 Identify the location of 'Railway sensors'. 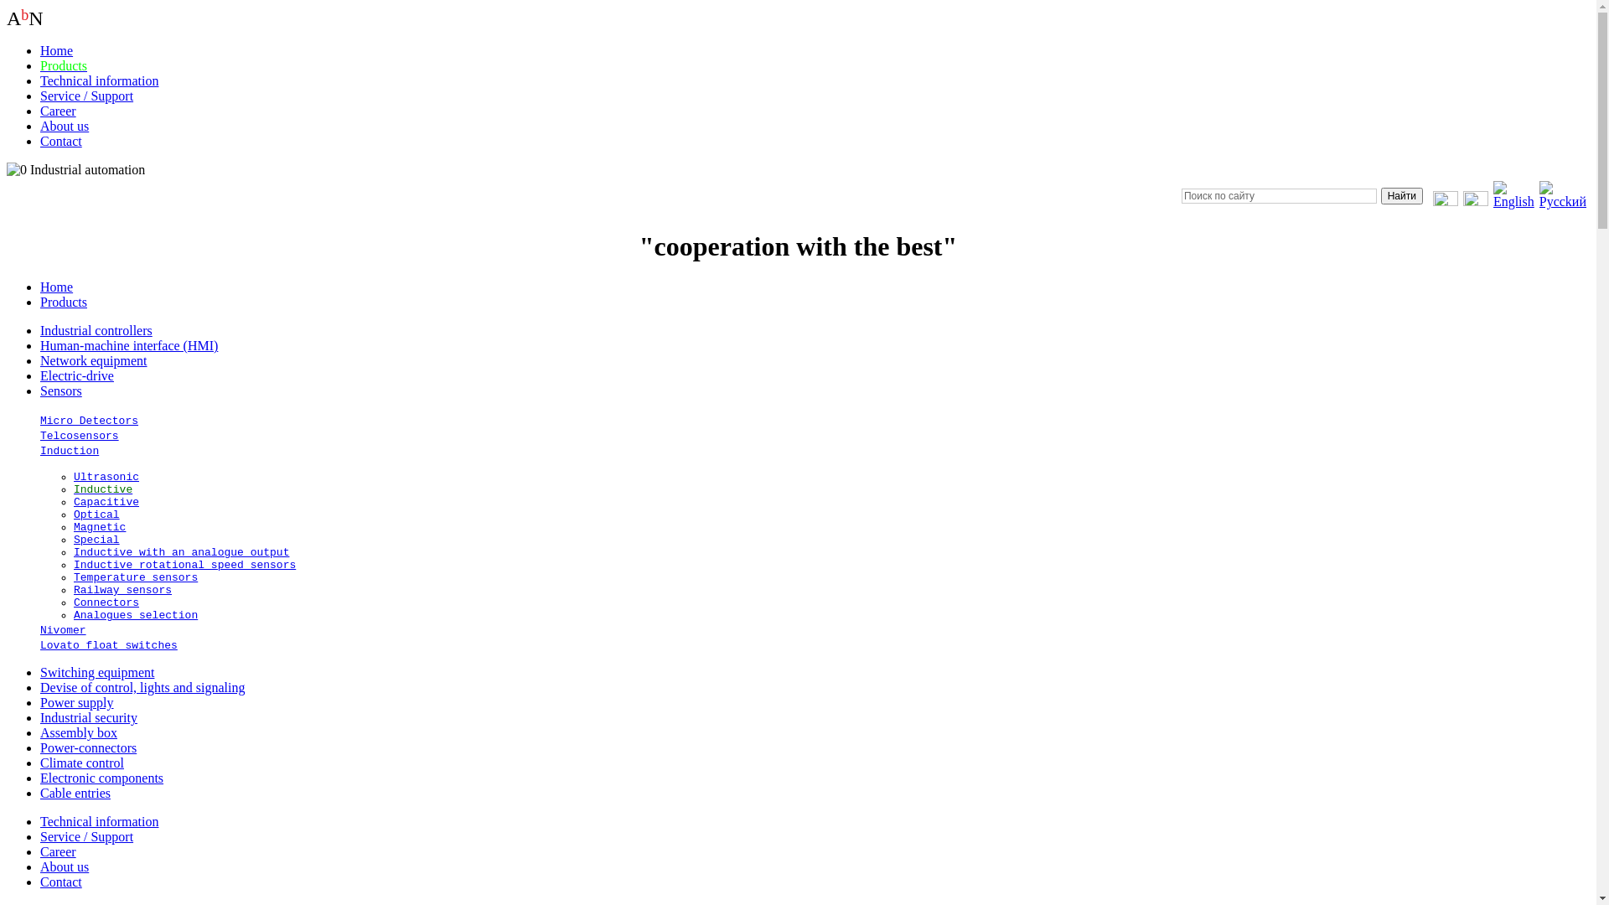
(72, 589).